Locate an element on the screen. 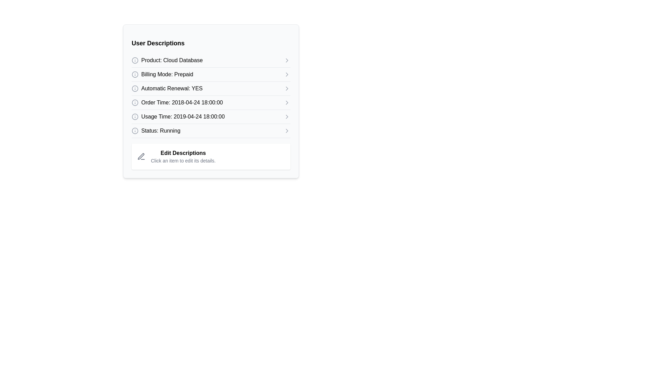  the text label displaying 'Automatic Renewal: YES' which is accompanied by an information icon, located in the third row of a vertical list within a card-like section is located at coordinates (167, 88).